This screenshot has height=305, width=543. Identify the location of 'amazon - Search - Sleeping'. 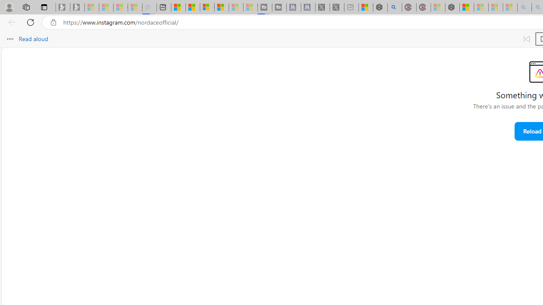
(524, 7).